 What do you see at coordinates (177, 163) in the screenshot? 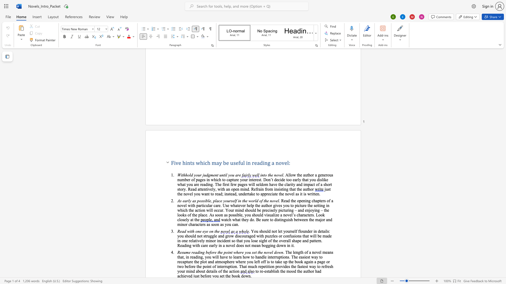
I see `the 1th character "v" in the text` at bounding box center [177, 163].